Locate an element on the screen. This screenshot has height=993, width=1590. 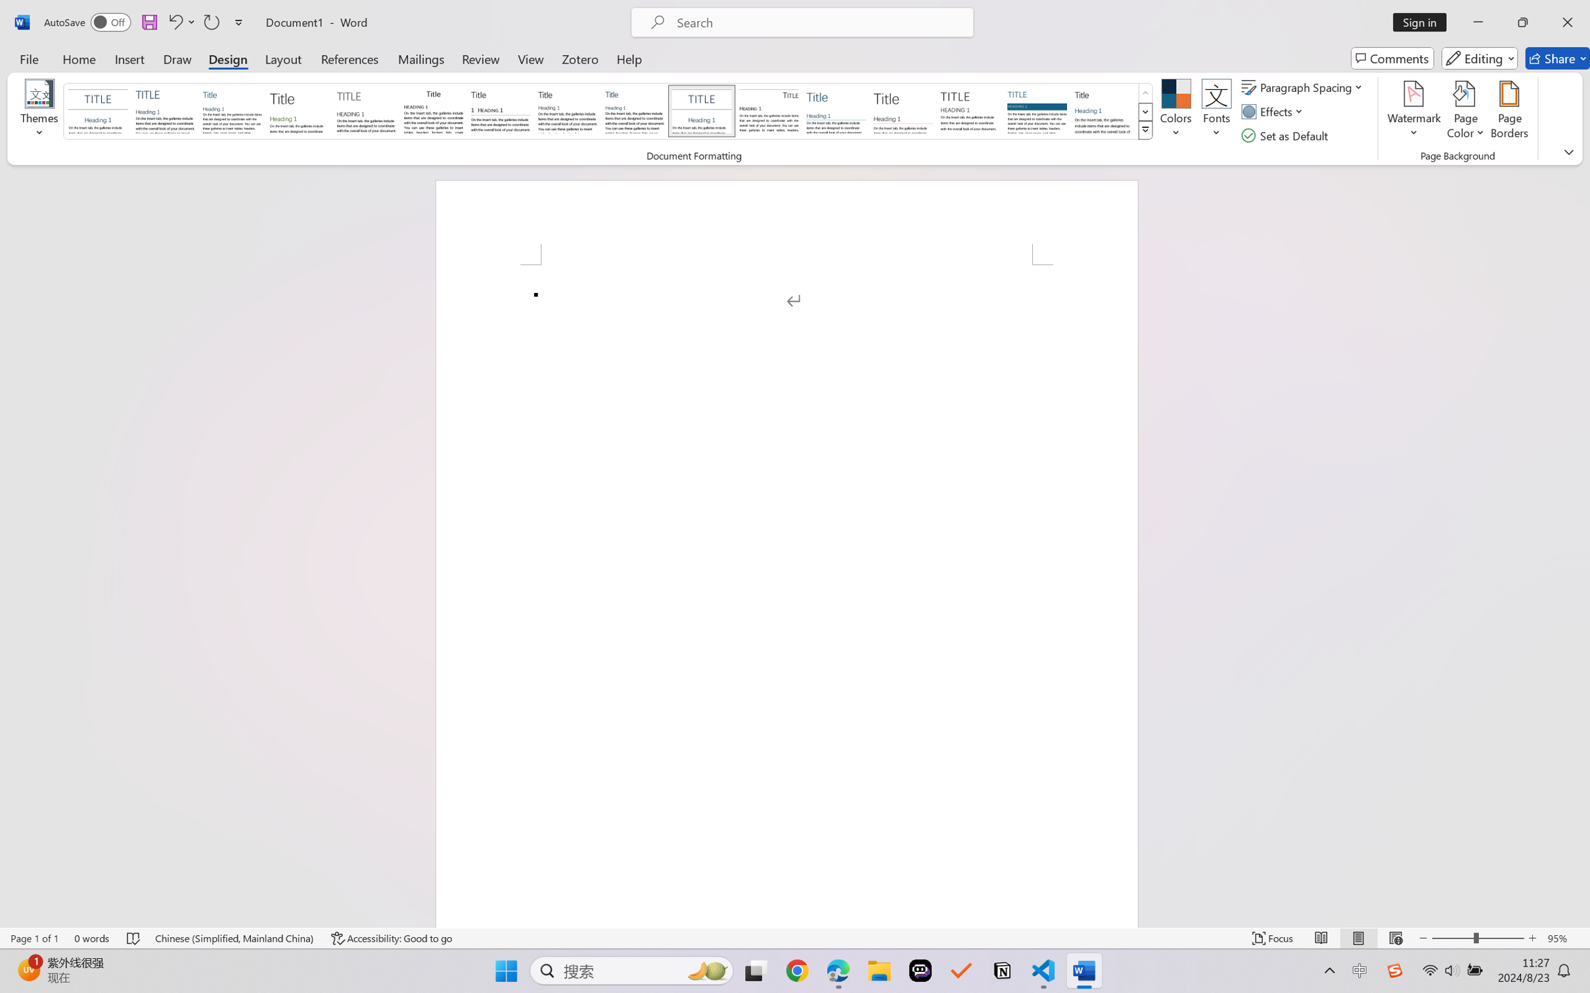
'Repeat Style' is located at coordinates (210, 22).